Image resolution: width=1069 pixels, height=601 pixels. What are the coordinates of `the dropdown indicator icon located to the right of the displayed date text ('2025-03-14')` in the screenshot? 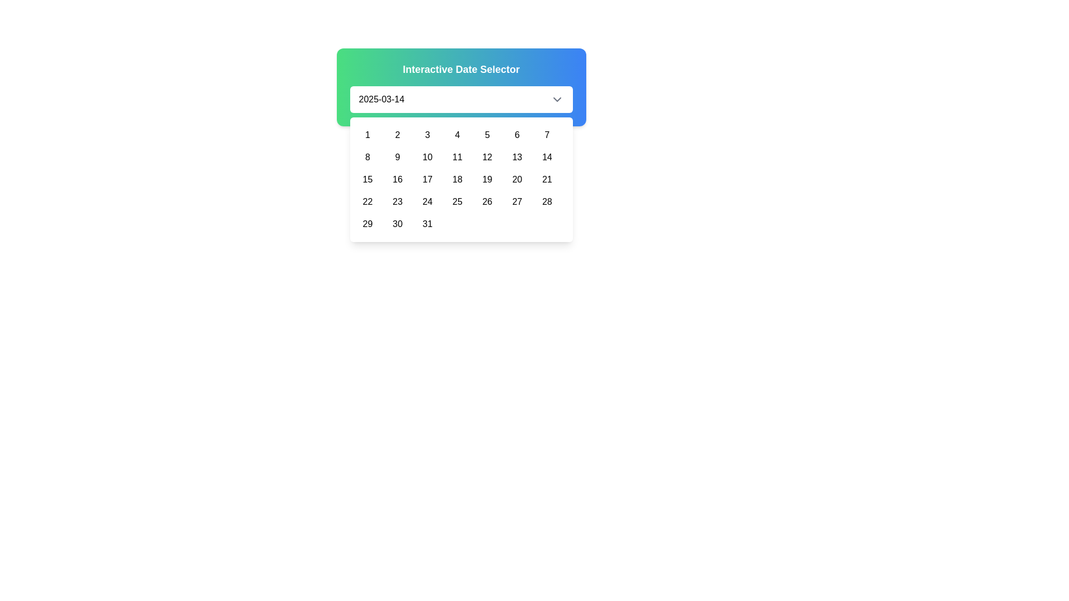 It's located at (557, 98).